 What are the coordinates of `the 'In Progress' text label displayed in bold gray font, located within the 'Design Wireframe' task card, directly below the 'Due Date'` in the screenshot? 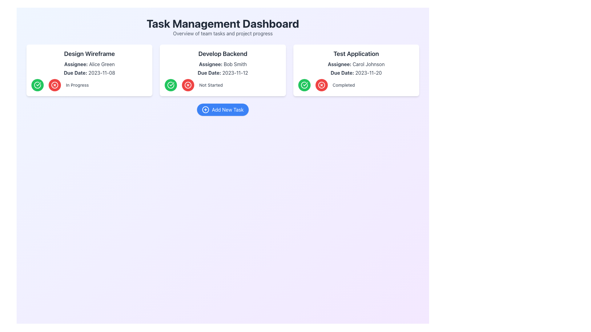 It's located at (77, 85).